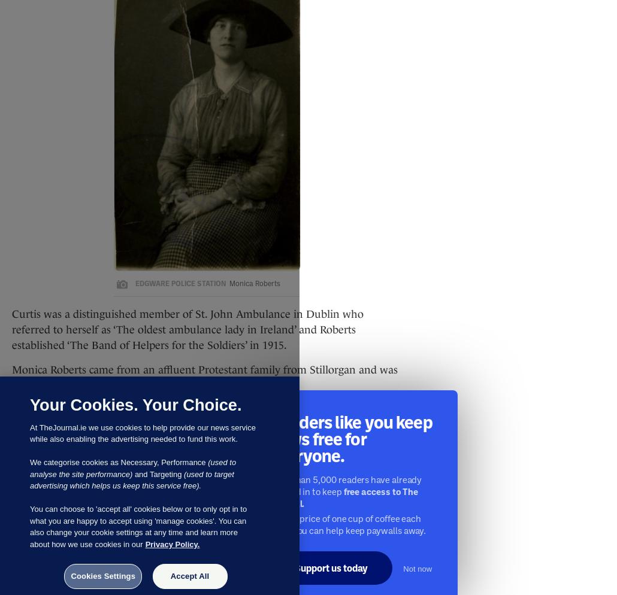 This screenshot has width=617, height=595. What do you see at coordinates (254, 282) in the screenshot?
I see `'Monica Roberts'` at bounding box center [254, 282].